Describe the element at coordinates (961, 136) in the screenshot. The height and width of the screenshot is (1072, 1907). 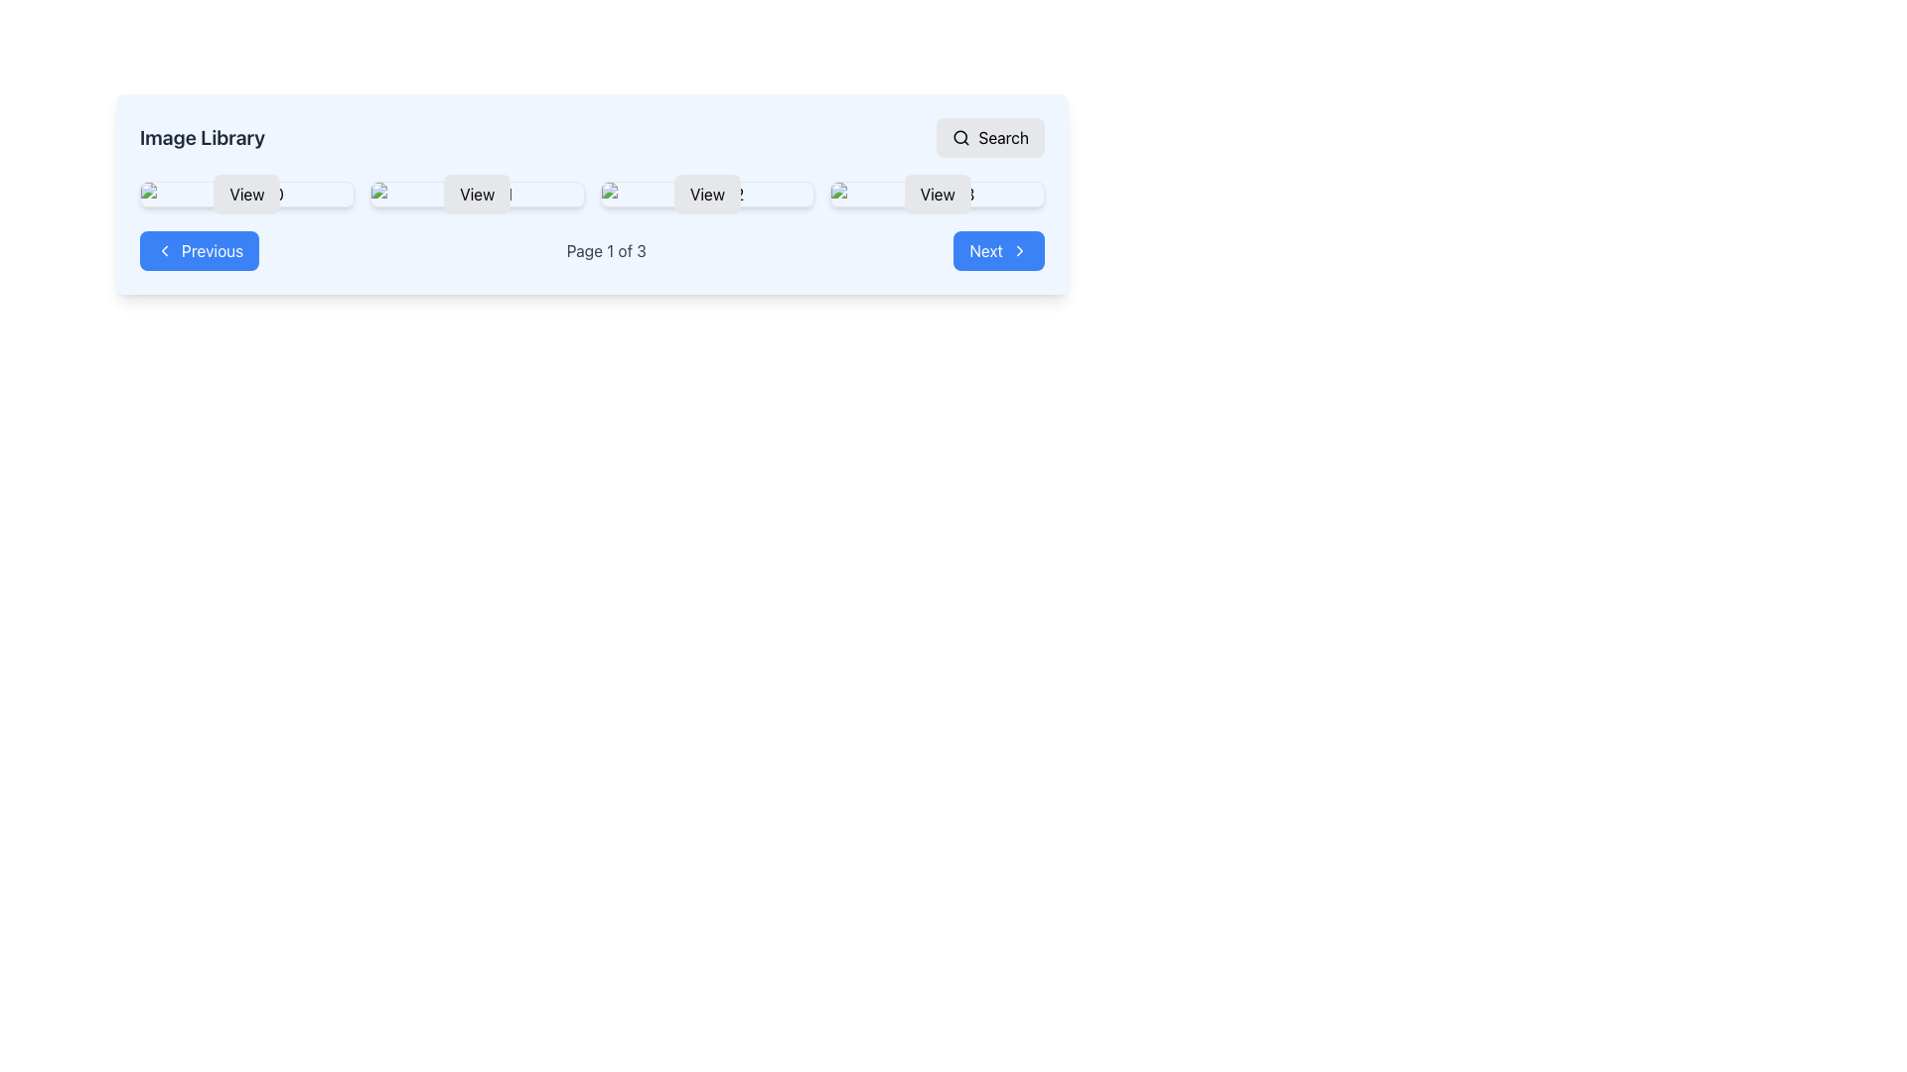
I see `the 'Search' button which contains the magnifying glass icon located in the top-right section of the interface` at that location.